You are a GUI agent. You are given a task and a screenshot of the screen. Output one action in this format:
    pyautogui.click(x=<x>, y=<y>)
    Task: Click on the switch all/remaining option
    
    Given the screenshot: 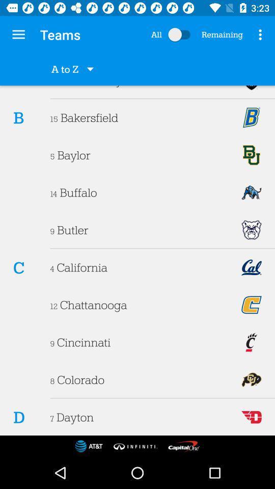 What is the action you would take?
    pyautogui.click(x=181, y=35)
    